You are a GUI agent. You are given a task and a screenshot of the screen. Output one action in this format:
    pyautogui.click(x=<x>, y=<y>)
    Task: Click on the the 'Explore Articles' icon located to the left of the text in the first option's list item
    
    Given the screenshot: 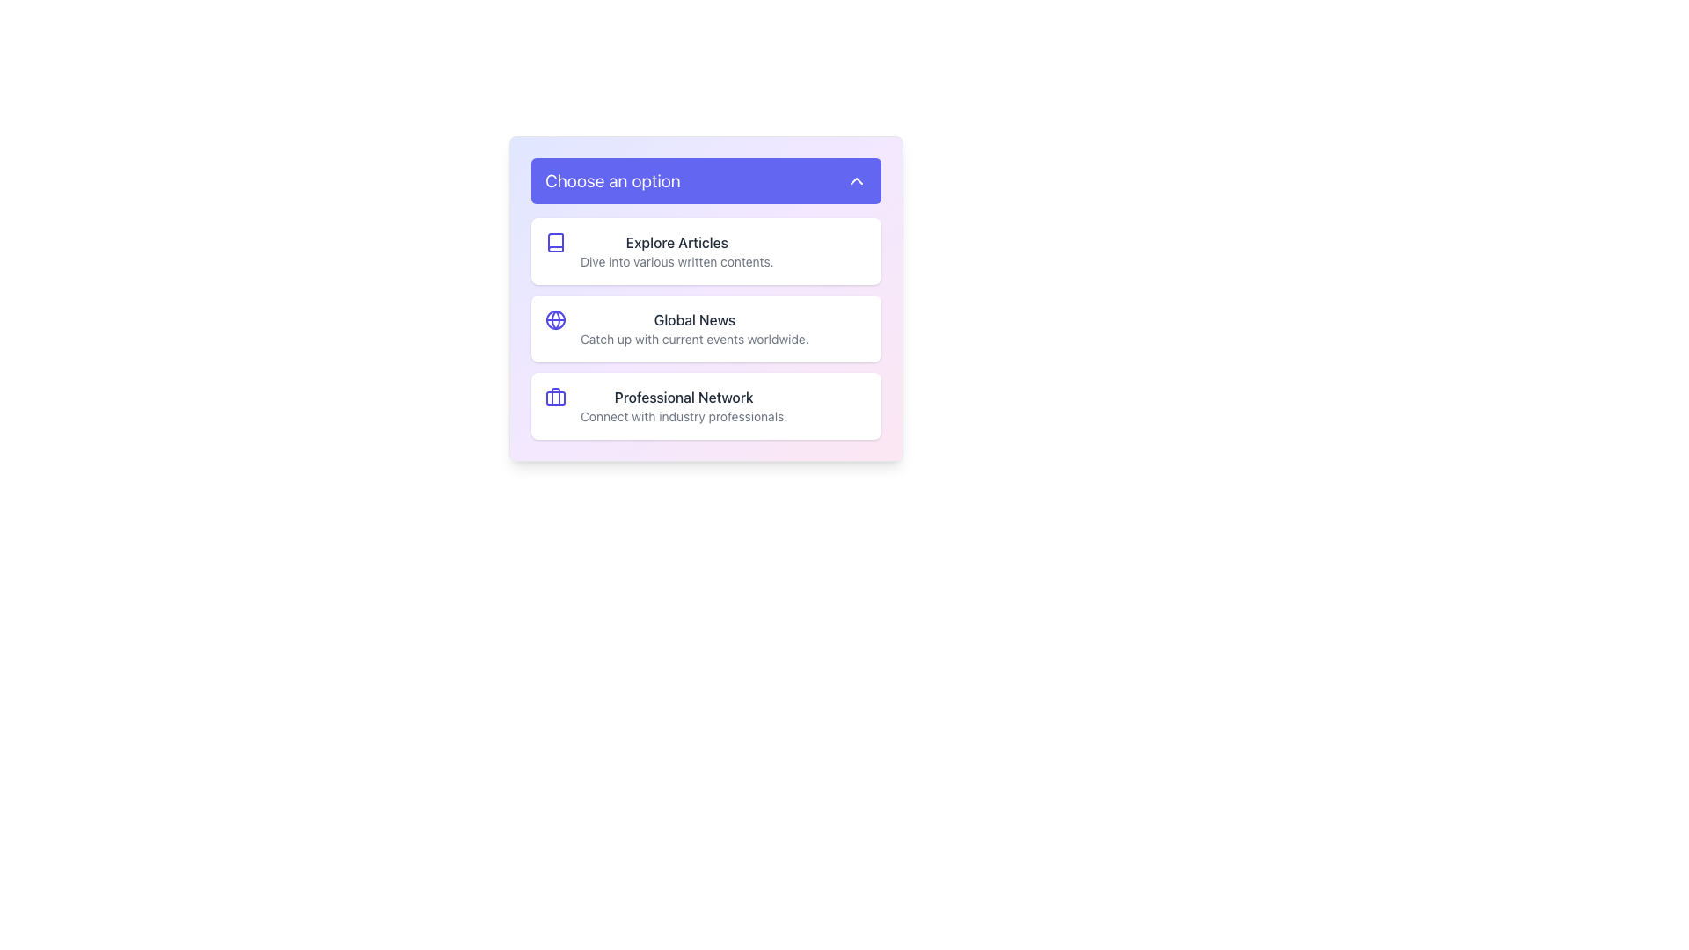 What is the action you would take?
    pyautogui.click(x=555, y=243)
    